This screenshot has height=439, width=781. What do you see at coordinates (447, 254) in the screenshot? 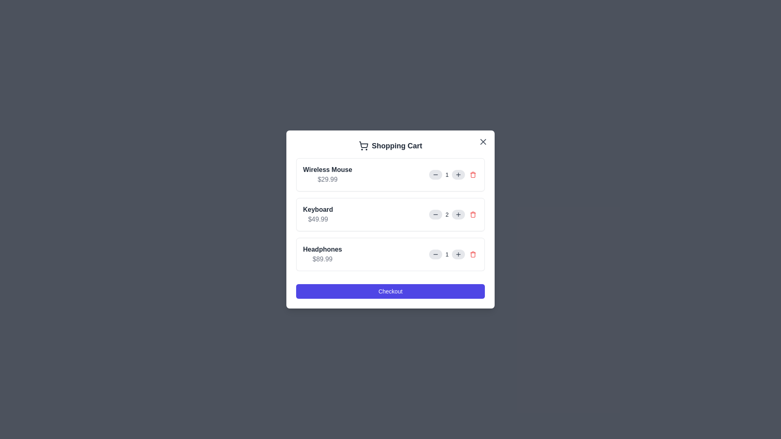
I see `the current quantity displayed in the third text label of the quantity adjustment panel, located between the decrement button and the increment button for the second item in the list` at bounding box center [447, 254].